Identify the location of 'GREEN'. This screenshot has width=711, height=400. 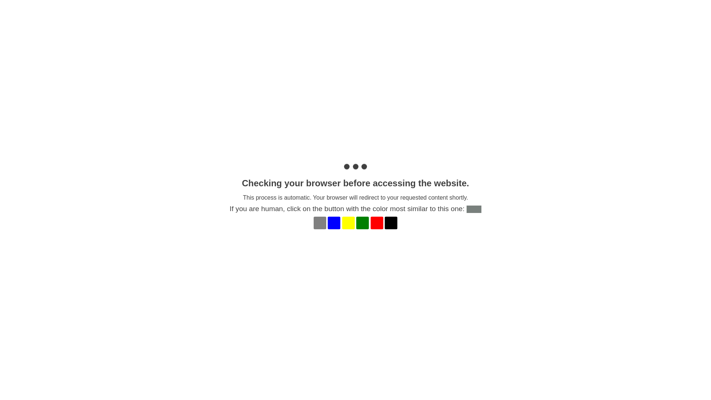
(363, 222).